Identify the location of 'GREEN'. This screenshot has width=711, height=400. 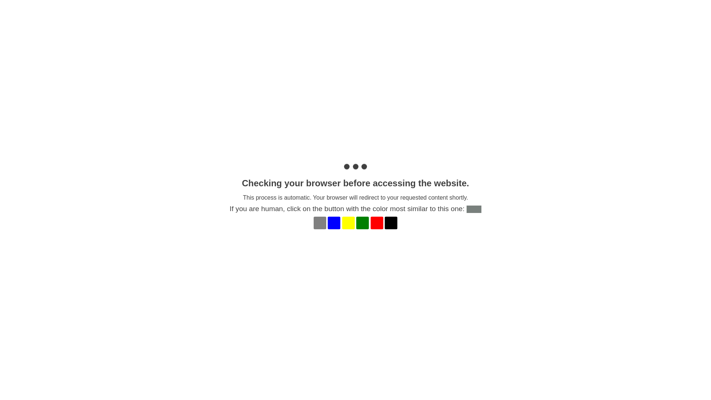
(363, 222).